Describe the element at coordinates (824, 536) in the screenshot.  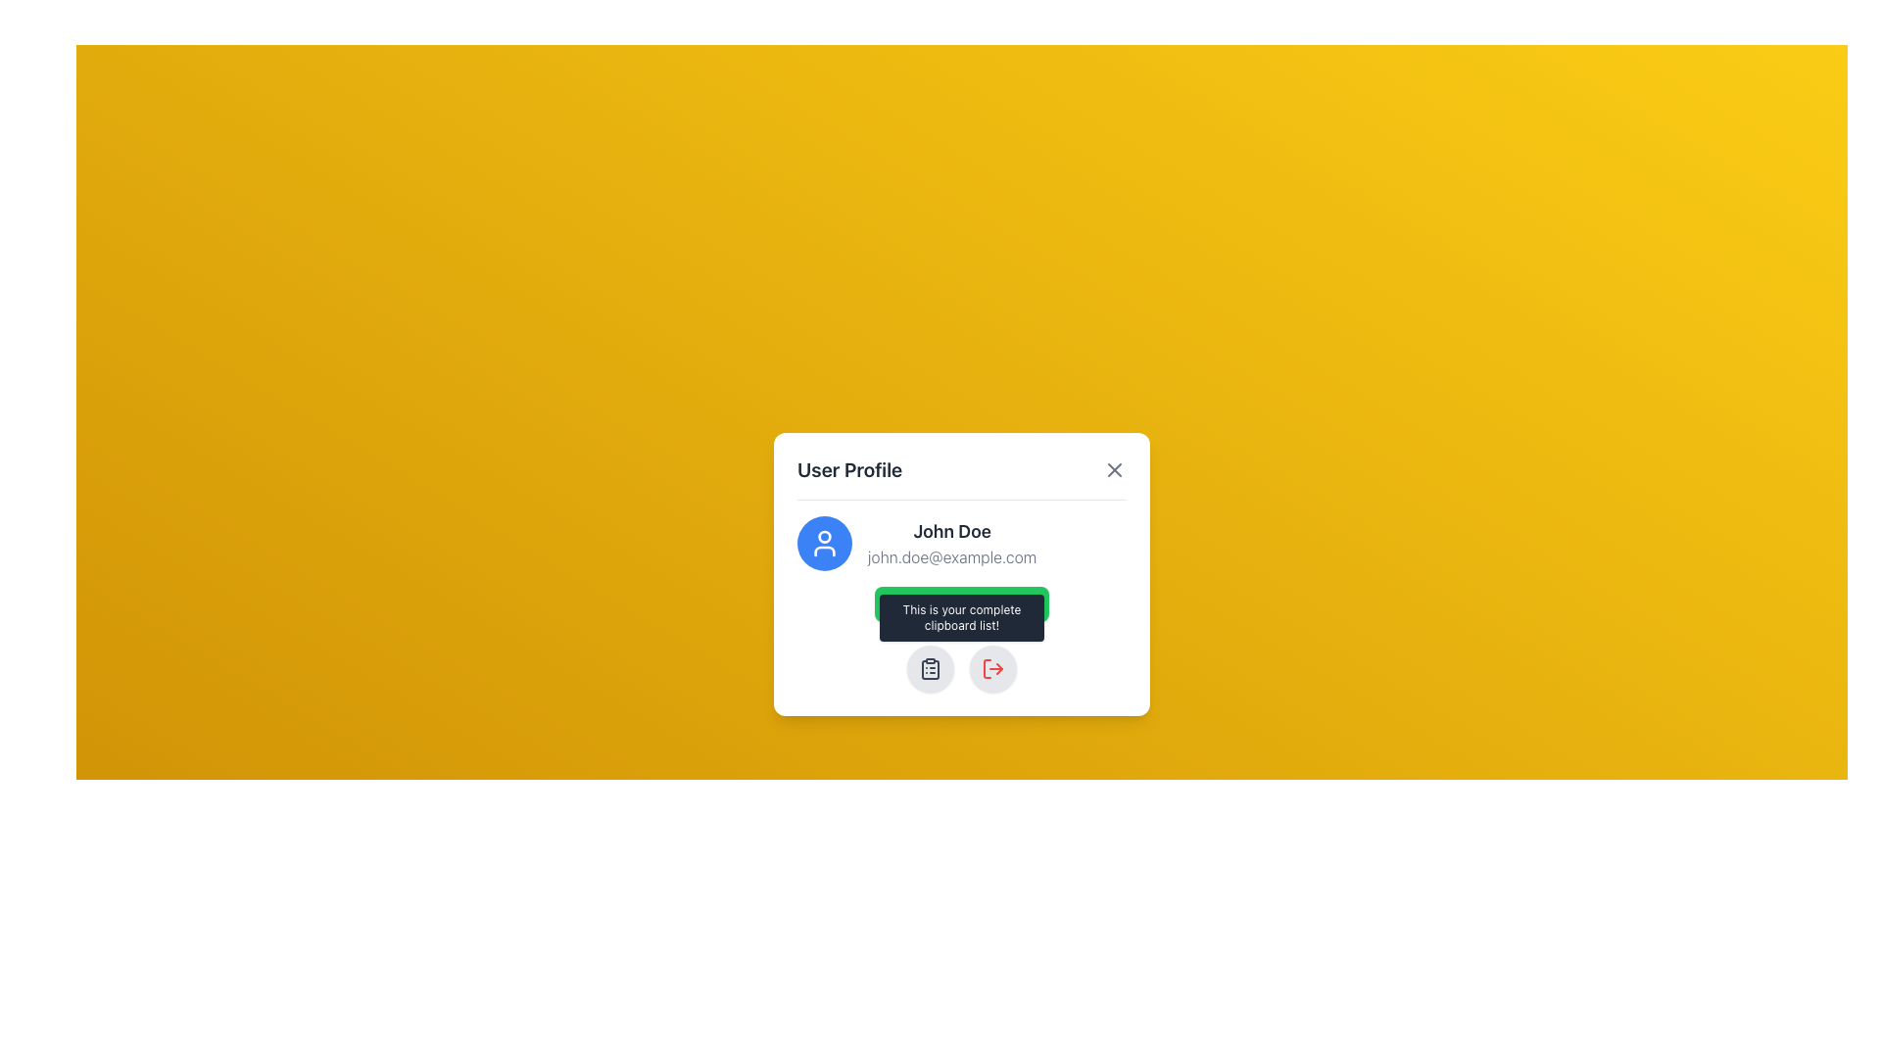
I see `interactive circular graphical component located within the profile picture, positioned slightly towards the upper-left inside the icon` at that location.